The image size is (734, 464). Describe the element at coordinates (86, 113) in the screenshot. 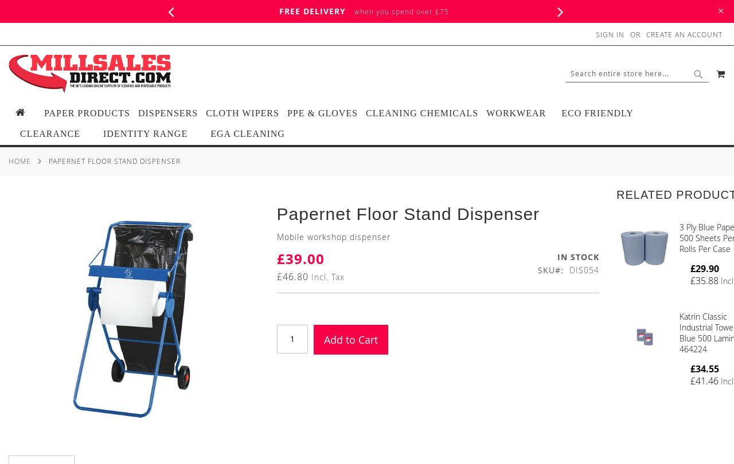

I see `'Paper Products'` at that location.